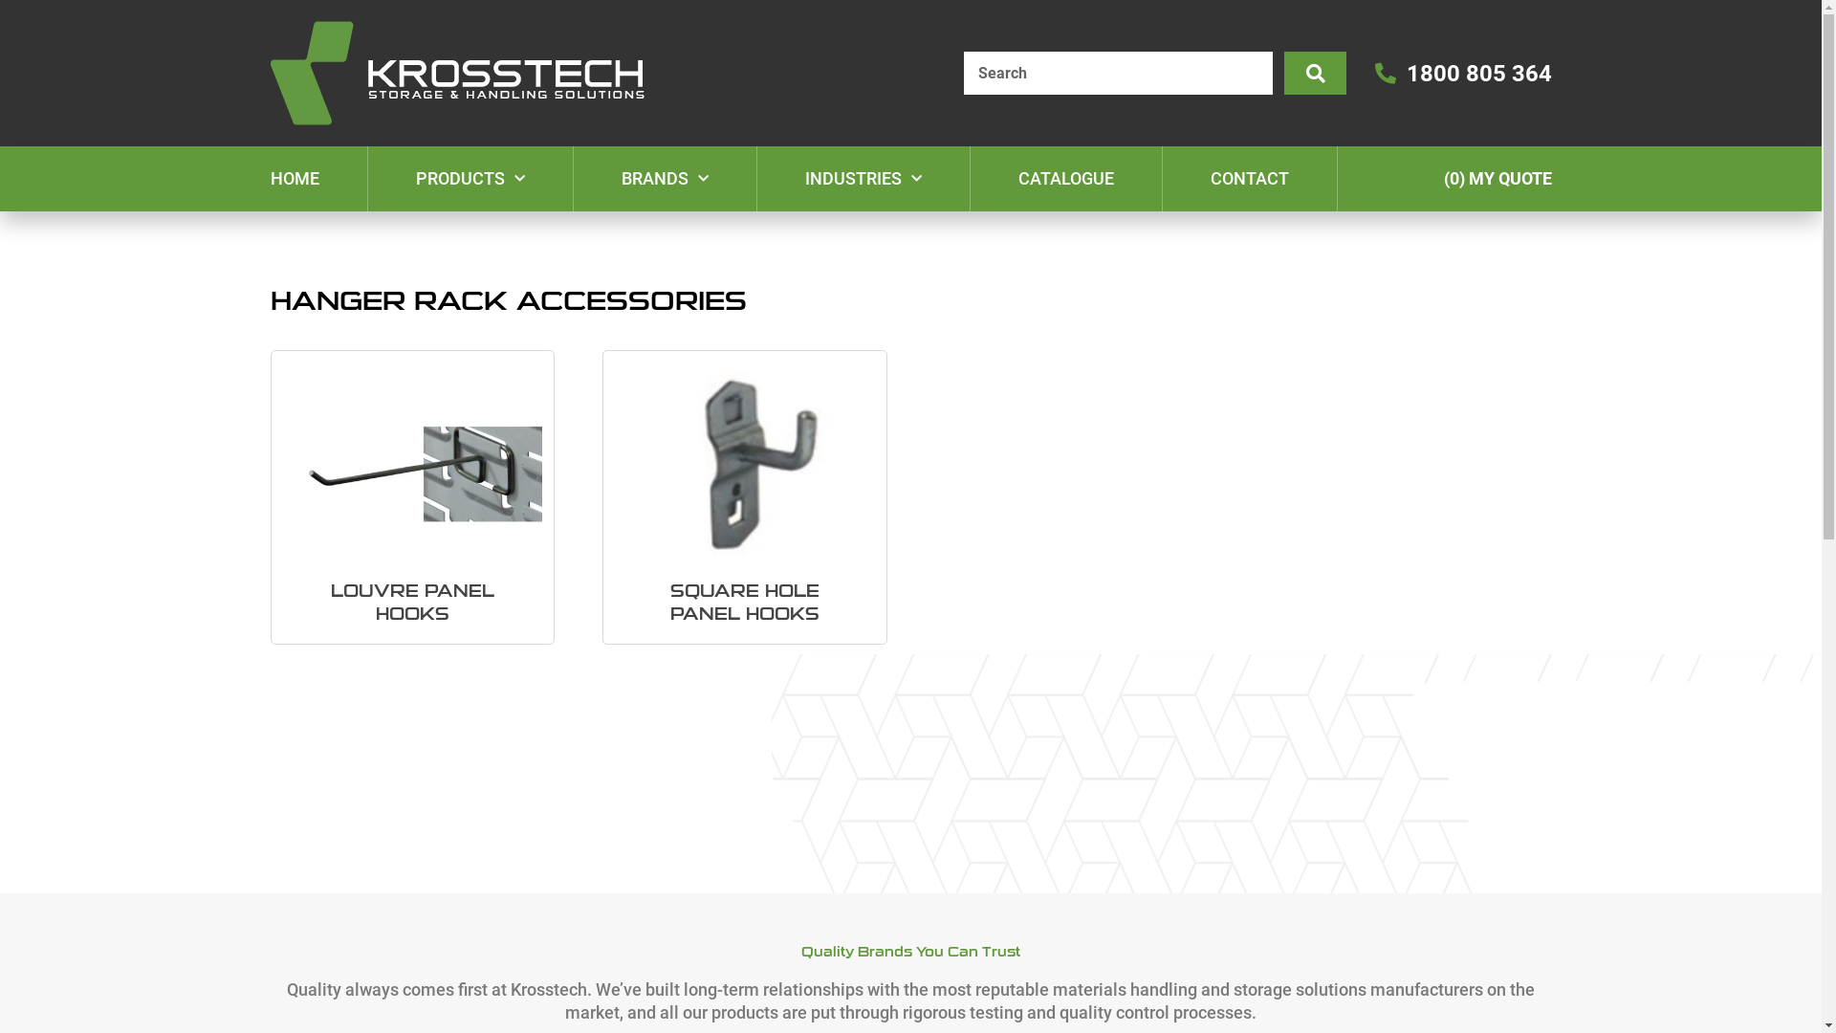  Describe the element at coordinates (1063, 178) in the screenshot. I see `'CATALOGUE'` at that location.